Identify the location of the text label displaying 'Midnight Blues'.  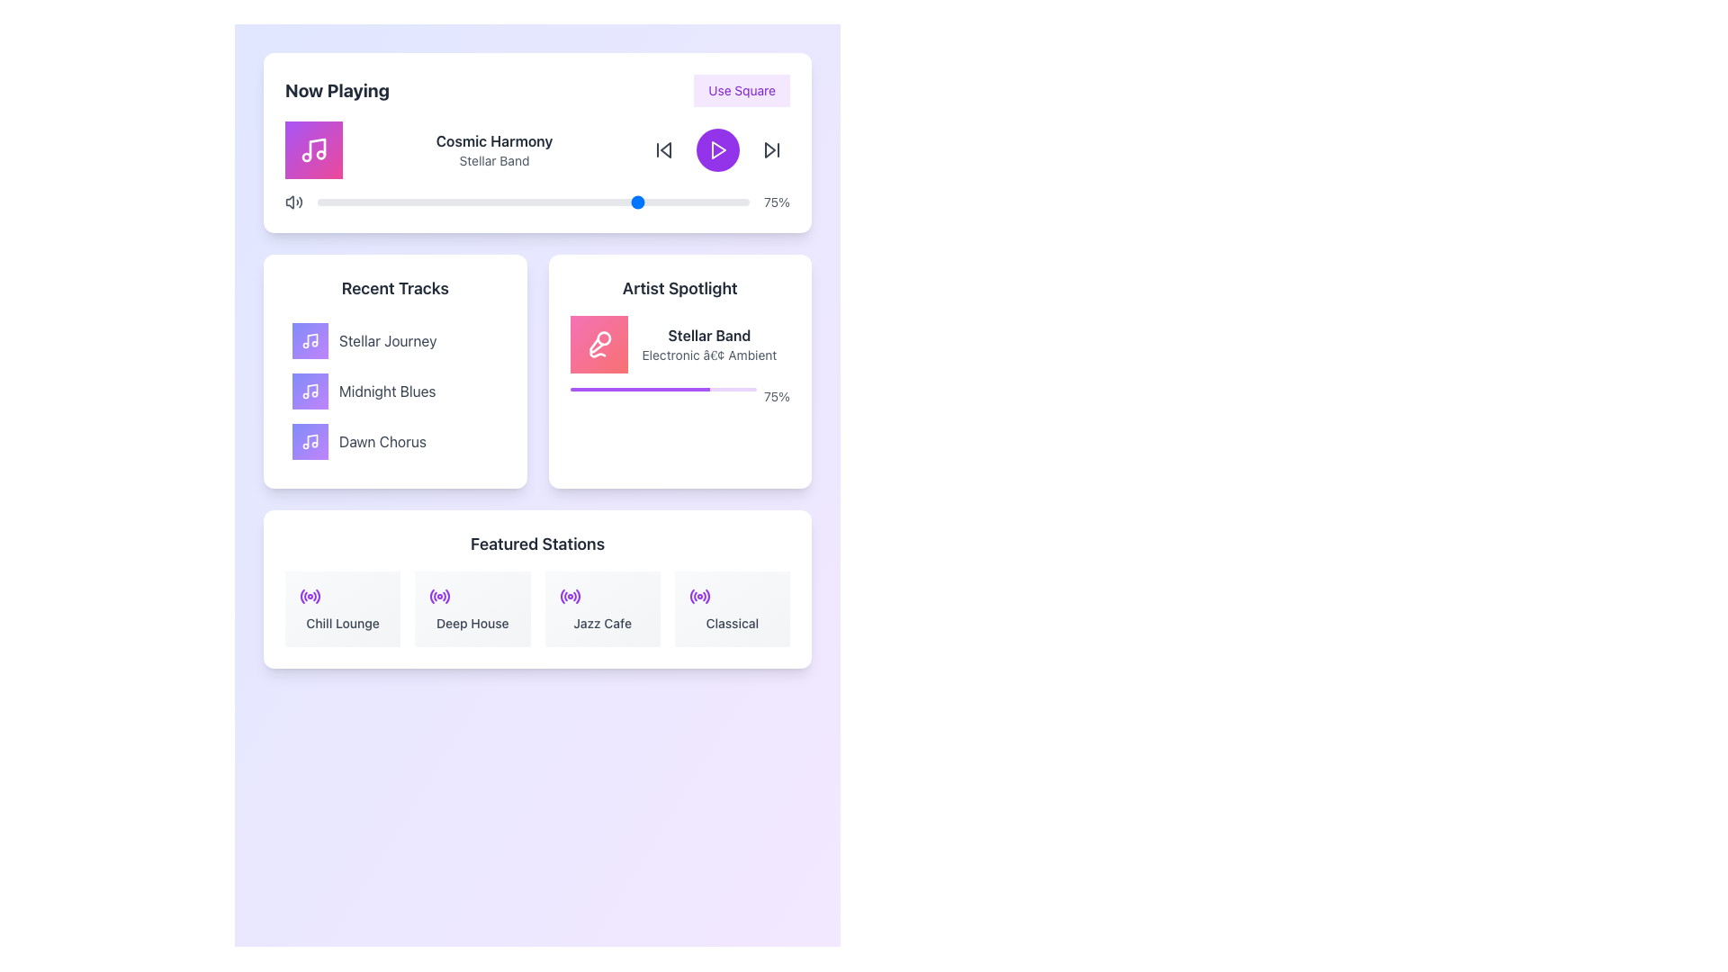
(386, 391).